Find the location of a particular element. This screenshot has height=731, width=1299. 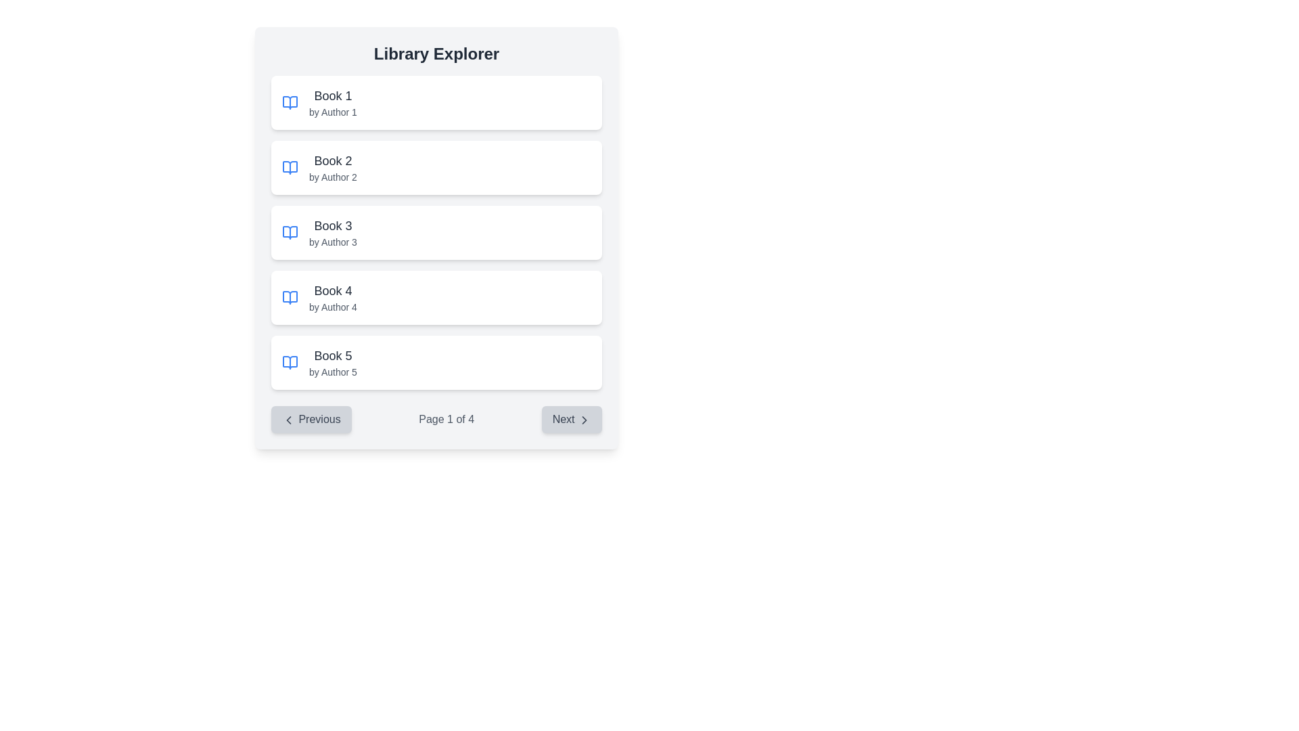

the first book entry in the central scrollable list of the 'Library Explorer' interface, which displays the title and author metadata is located at coordinates (436, 102).